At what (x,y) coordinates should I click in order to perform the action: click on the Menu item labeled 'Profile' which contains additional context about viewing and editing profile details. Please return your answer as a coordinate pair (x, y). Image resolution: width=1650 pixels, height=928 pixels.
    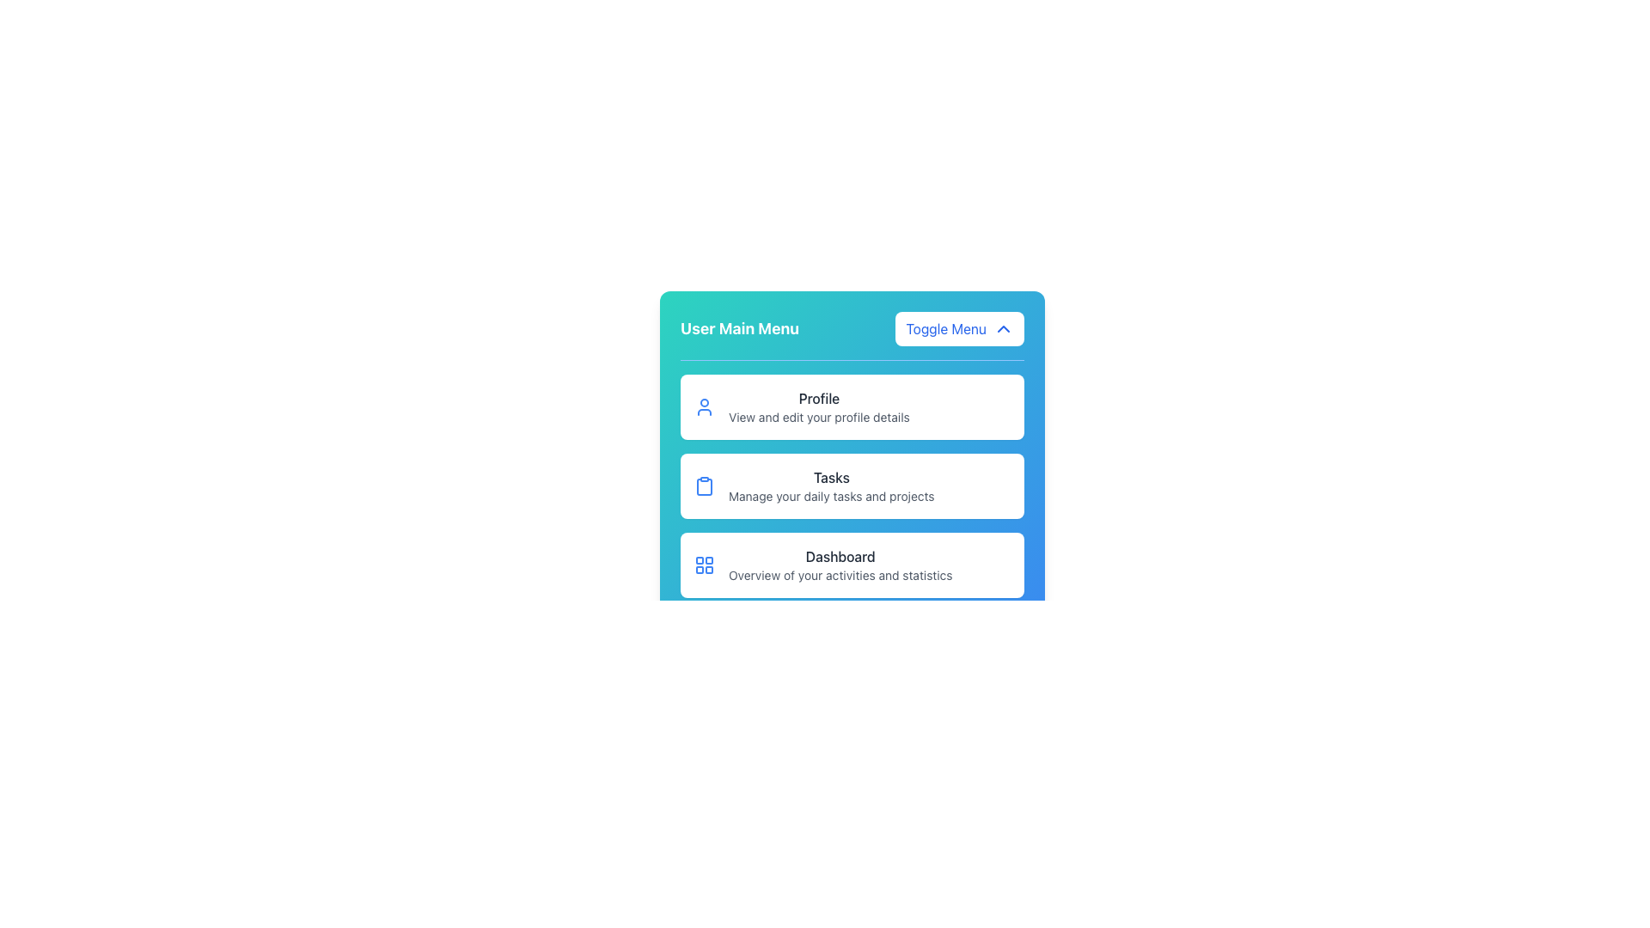
    Looking at the image, I should click on (818, 407).